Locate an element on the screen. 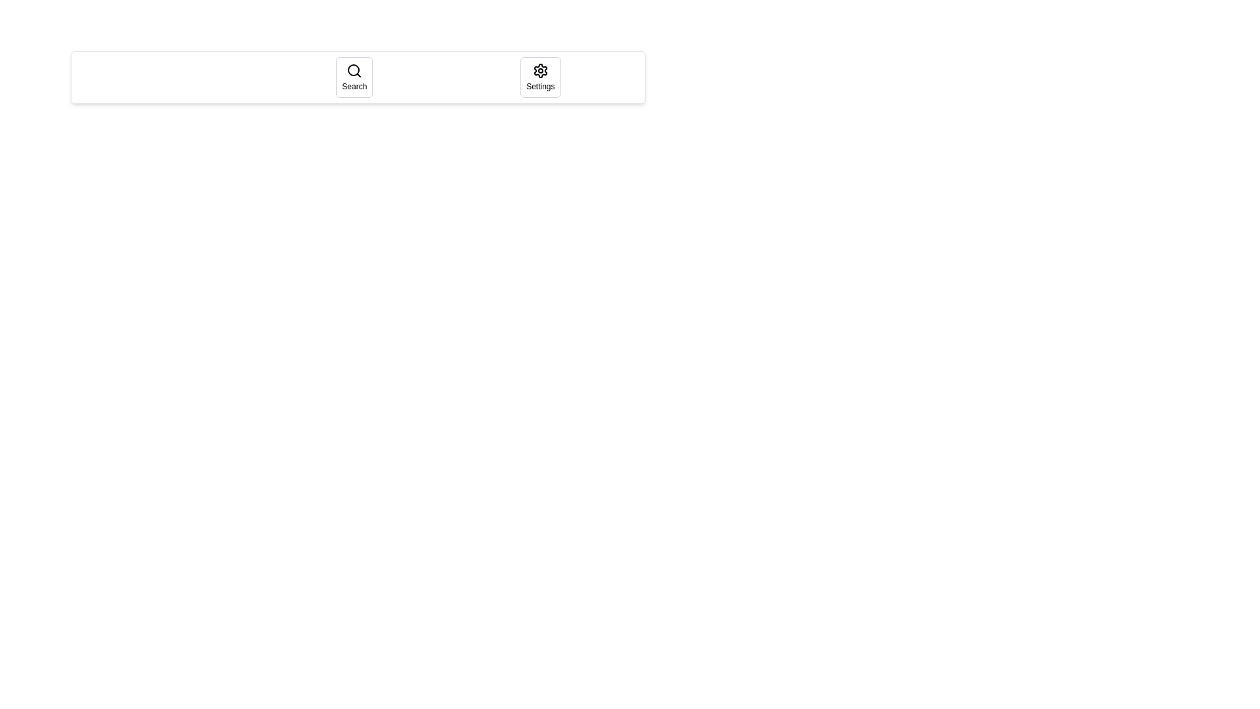  the gear icon representing settings, located at the top-center of the 'Settings' button is located at coordinates (540, 71).